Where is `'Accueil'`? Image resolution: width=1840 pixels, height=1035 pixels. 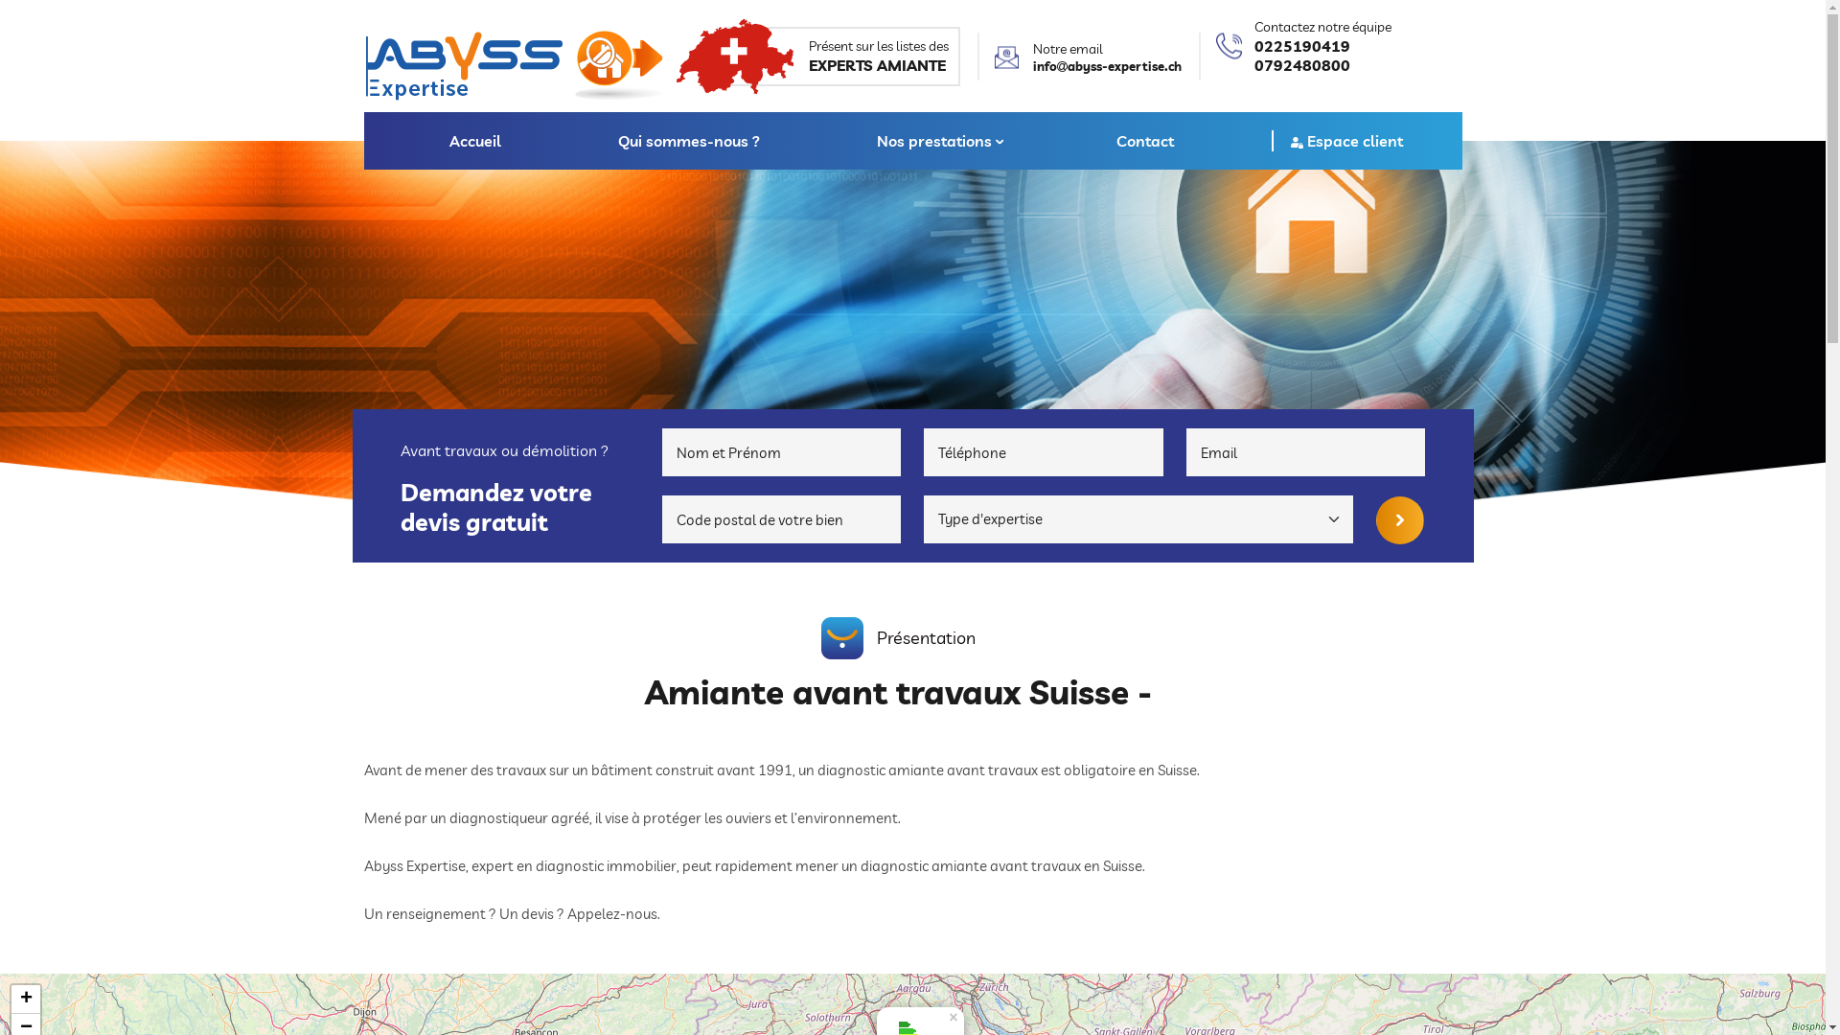 'Accueil' is located at coordinates (474, 139).